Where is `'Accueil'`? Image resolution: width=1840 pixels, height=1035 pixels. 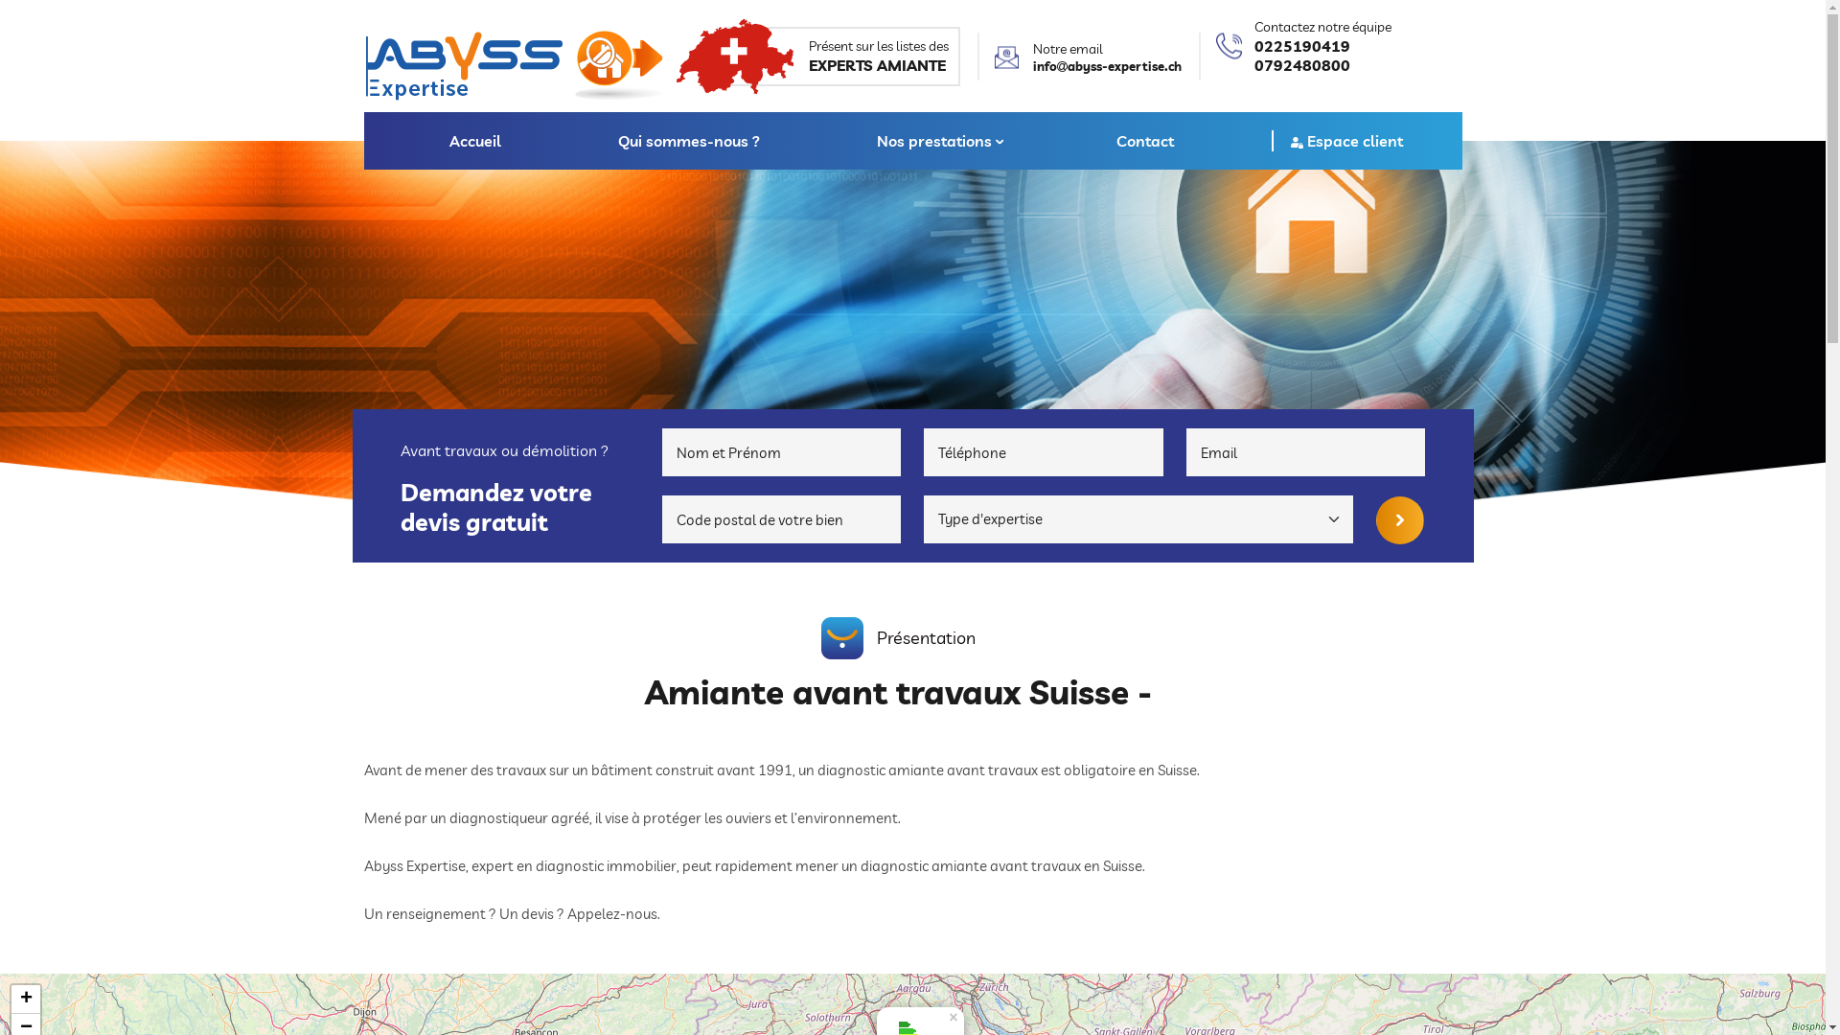 'Accueil' is located at coordinates (474, 139).